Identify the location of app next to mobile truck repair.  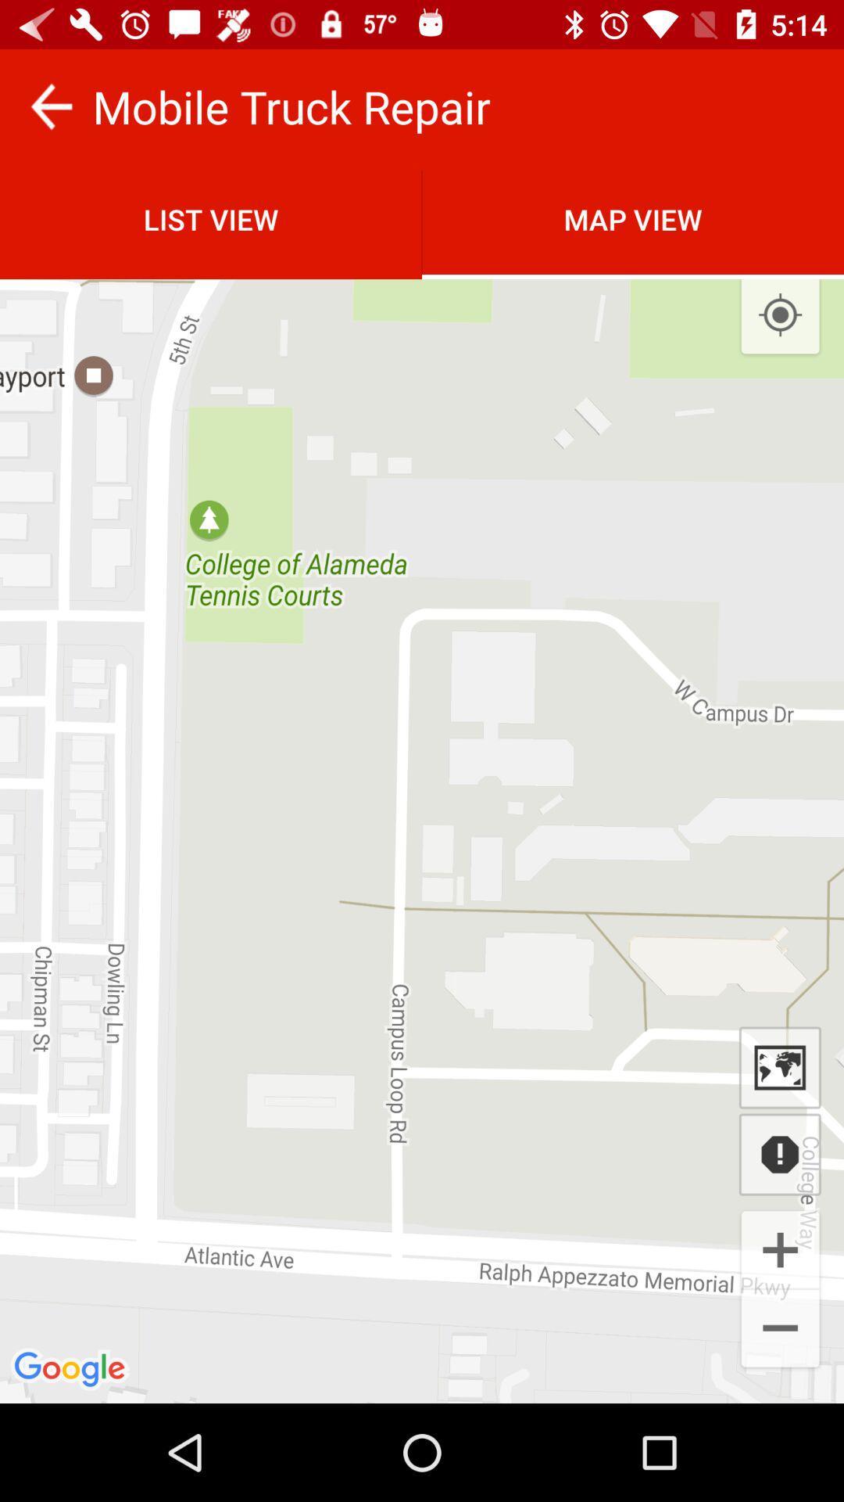
(50, 106).